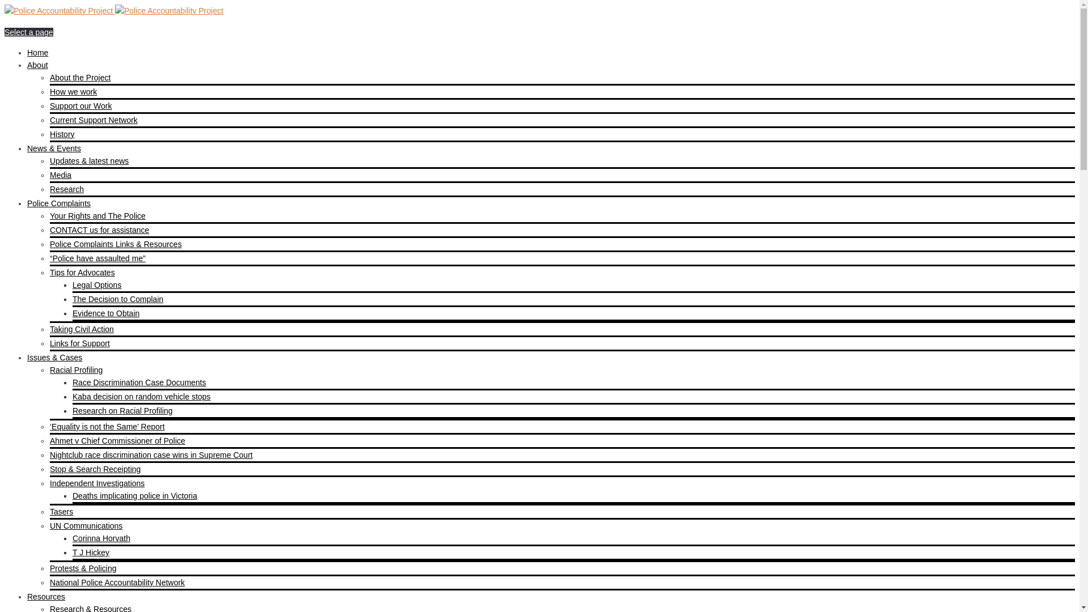  Describe the element at coordinates (97, 284) in the screenshot. I see `'Legal Options'` at that location.